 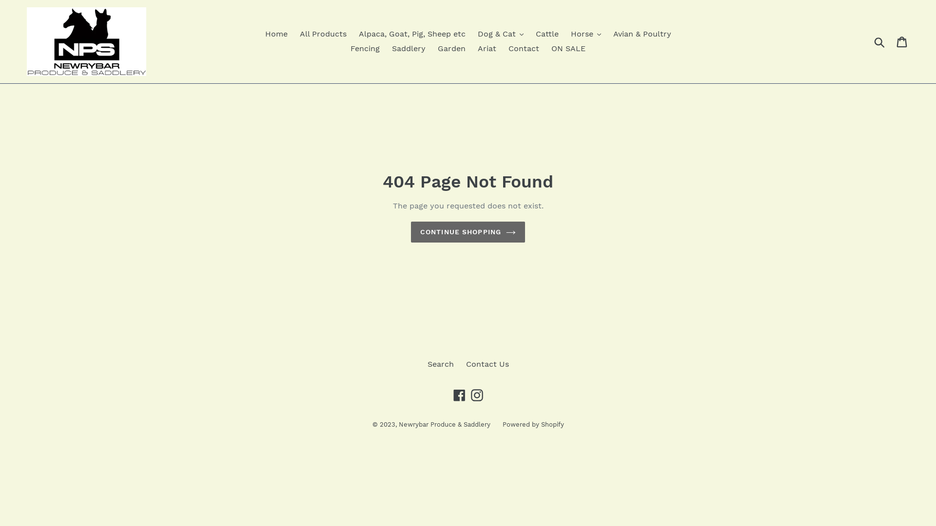 What do you see at coordinates (458, 394) in the screenshot?
I see `'Facebook'` at bounding box center [458, 394].